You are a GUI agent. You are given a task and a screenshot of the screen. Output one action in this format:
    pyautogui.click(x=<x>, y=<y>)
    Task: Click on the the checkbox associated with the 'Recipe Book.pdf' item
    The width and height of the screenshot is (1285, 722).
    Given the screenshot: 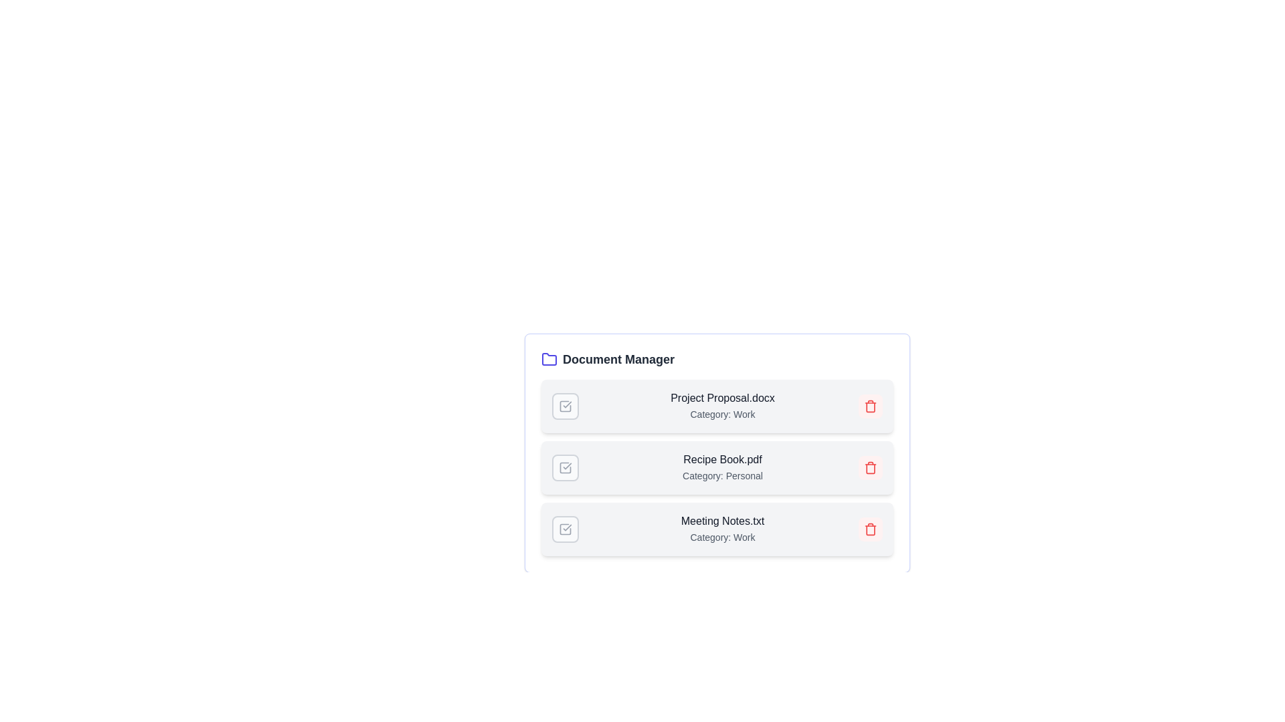 What is the action you would take?
    pyautogui.click(x=565, y=467)
    